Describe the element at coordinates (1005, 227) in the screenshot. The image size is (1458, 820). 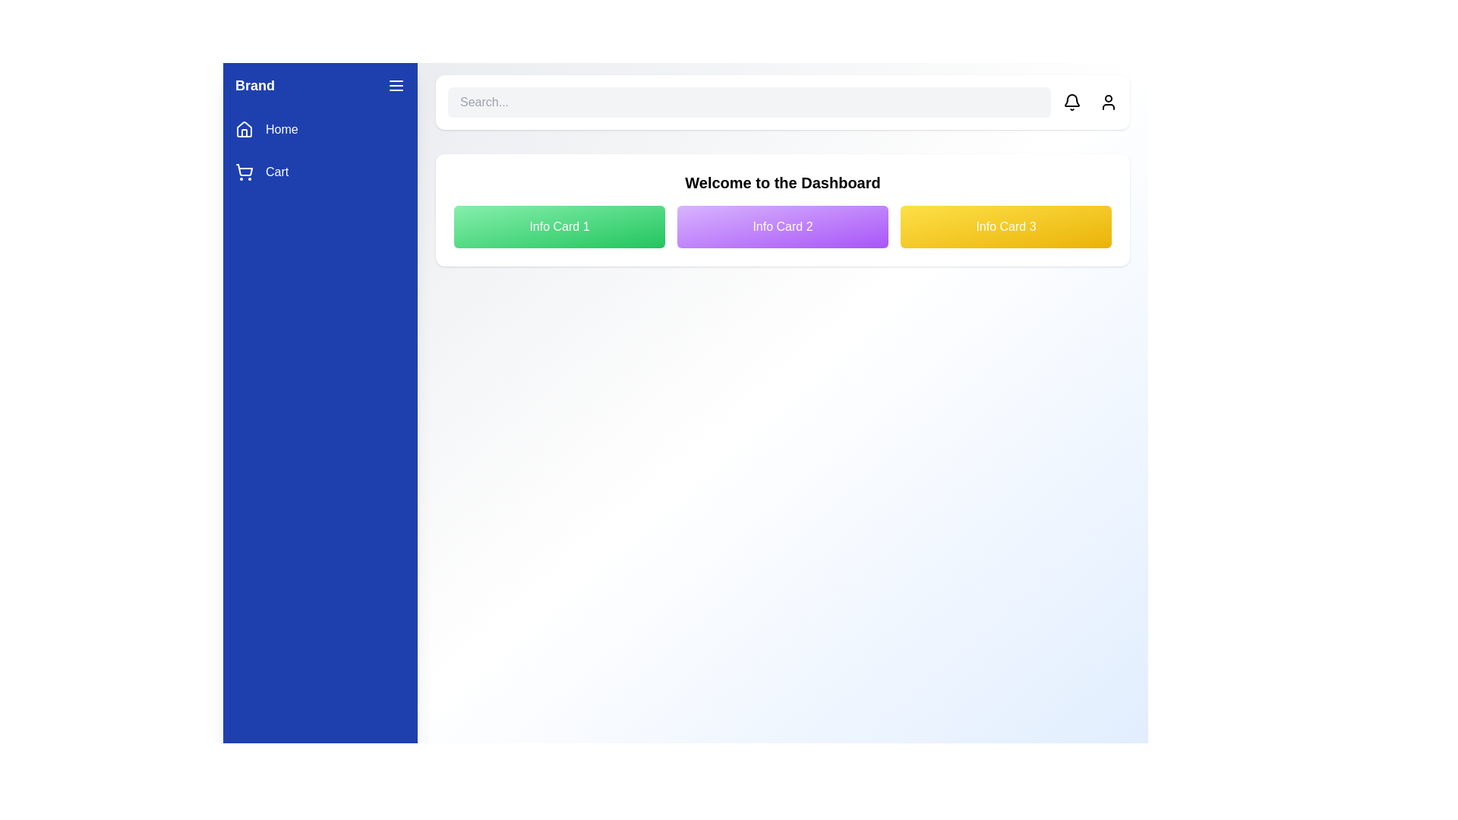
I see `the information card Info Card 3` at that location.